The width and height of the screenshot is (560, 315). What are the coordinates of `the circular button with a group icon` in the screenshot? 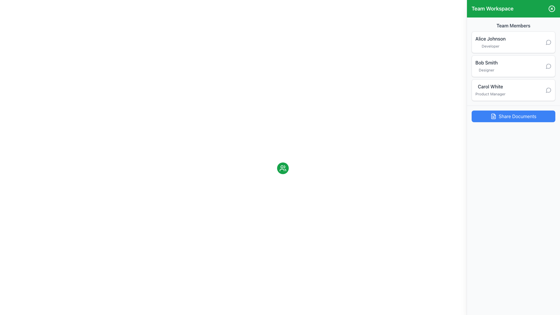 It's located at (283, 168).